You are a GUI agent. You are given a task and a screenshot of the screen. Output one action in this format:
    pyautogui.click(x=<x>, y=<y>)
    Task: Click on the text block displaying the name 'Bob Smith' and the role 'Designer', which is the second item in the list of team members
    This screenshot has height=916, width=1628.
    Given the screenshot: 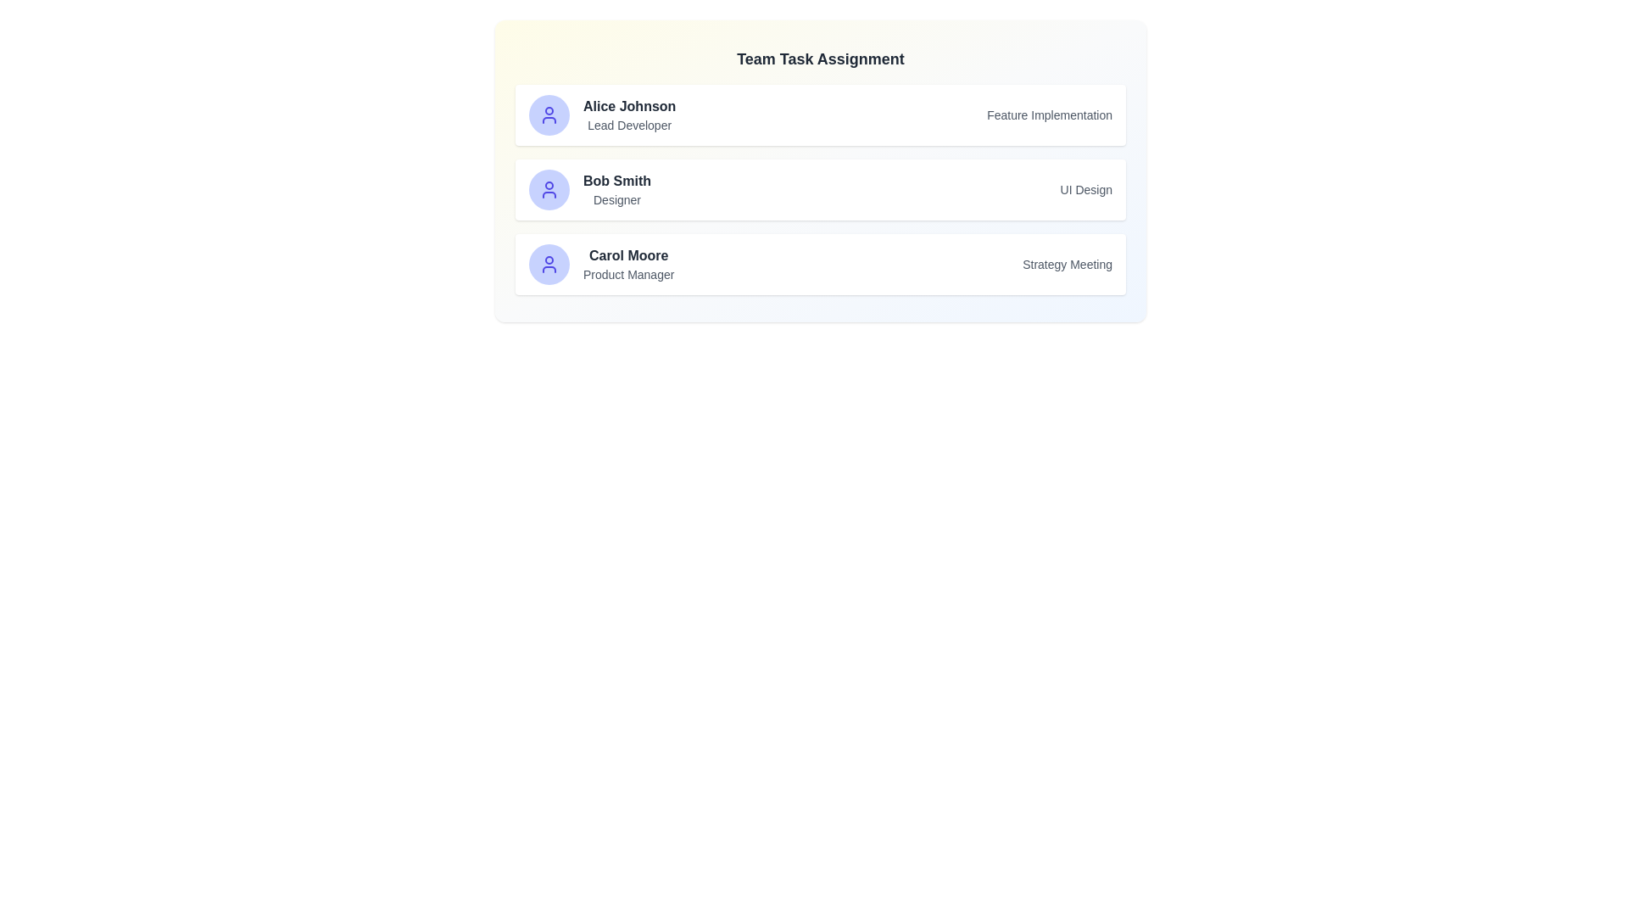 What is the action you would take?
    pyautogui.click(x=616, y=189)
    